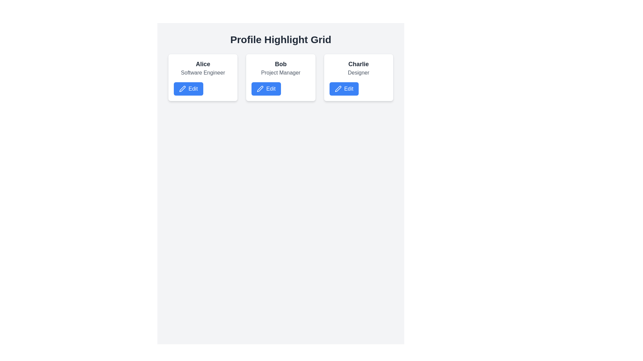  Describe the element at coordinates (266, 89) in the screenshot. I see `the rounded blue button labeled 'Edit' with a pen icon to initiate editing` at that location.